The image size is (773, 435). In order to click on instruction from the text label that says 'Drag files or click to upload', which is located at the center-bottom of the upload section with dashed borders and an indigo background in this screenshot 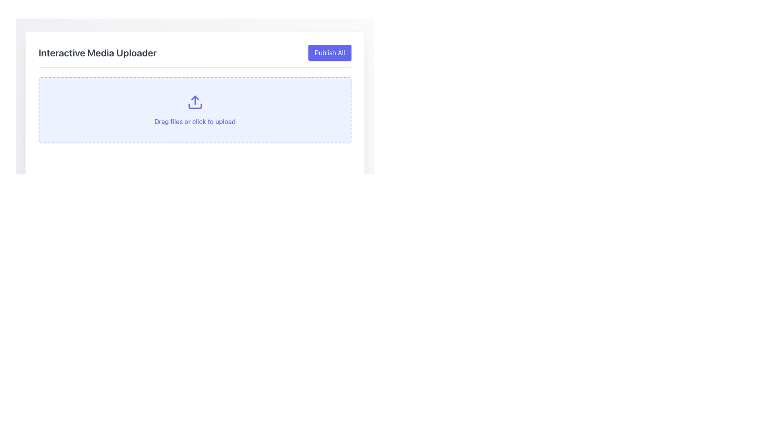, I will do `click(195, 121)`.